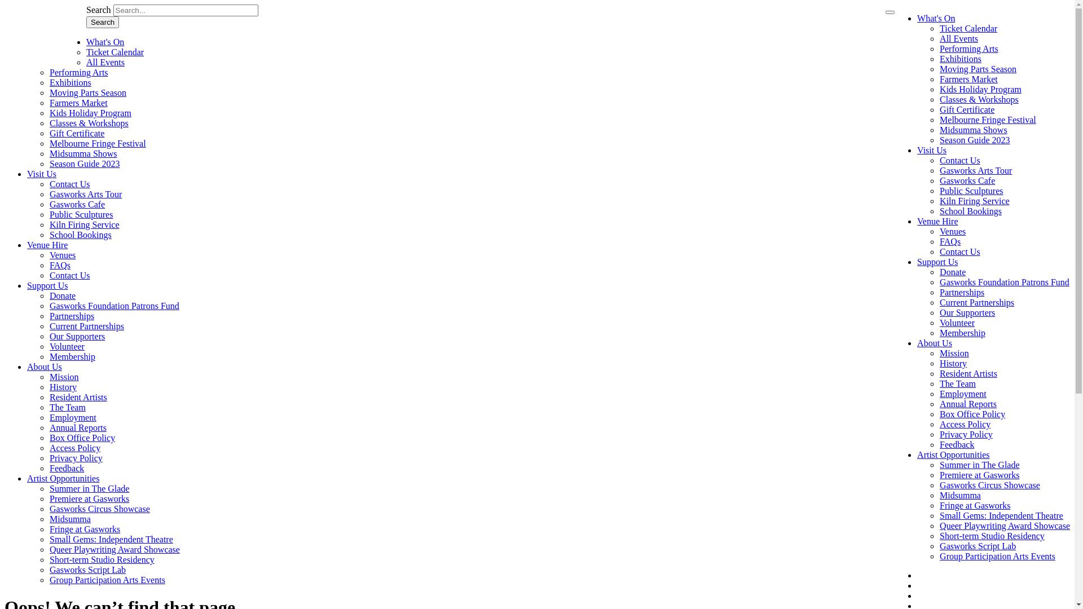  What do you see at coordinates (49, 509) in the screenshot?
I see `'Gasworks Circus Showcase'` at bounding box center [49, 509].